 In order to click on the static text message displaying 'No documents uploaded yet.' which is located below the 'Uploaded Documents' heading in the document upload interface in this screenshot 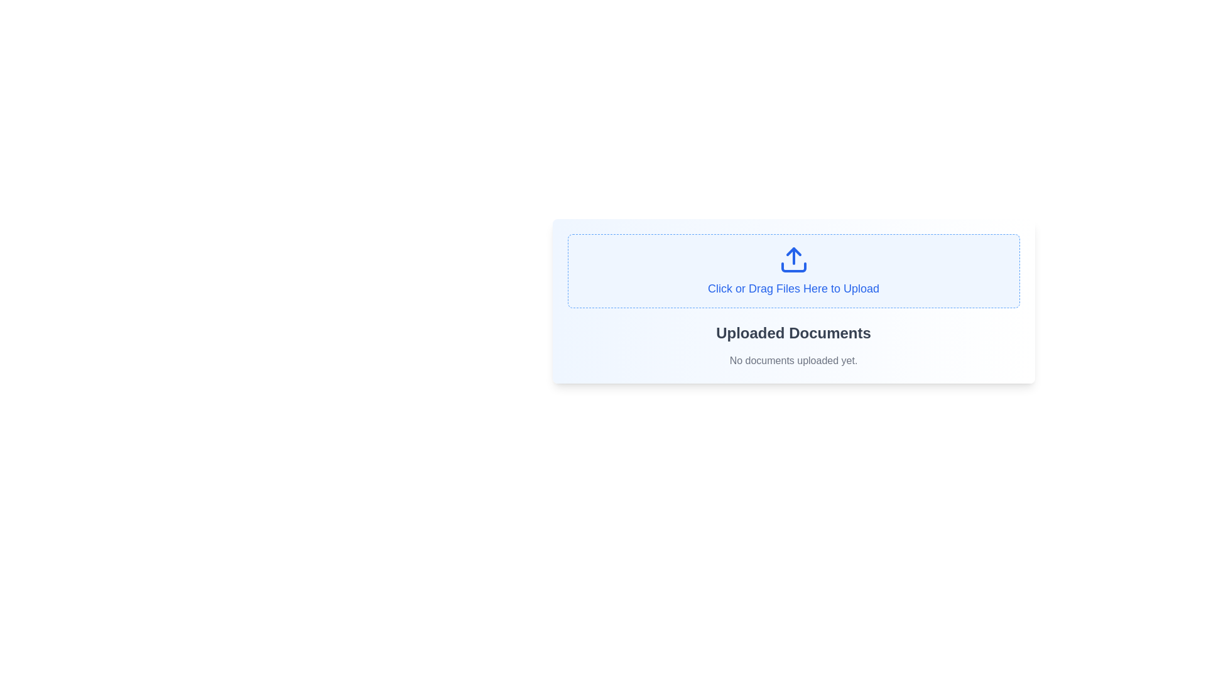, I will do `click(793, 360)`.